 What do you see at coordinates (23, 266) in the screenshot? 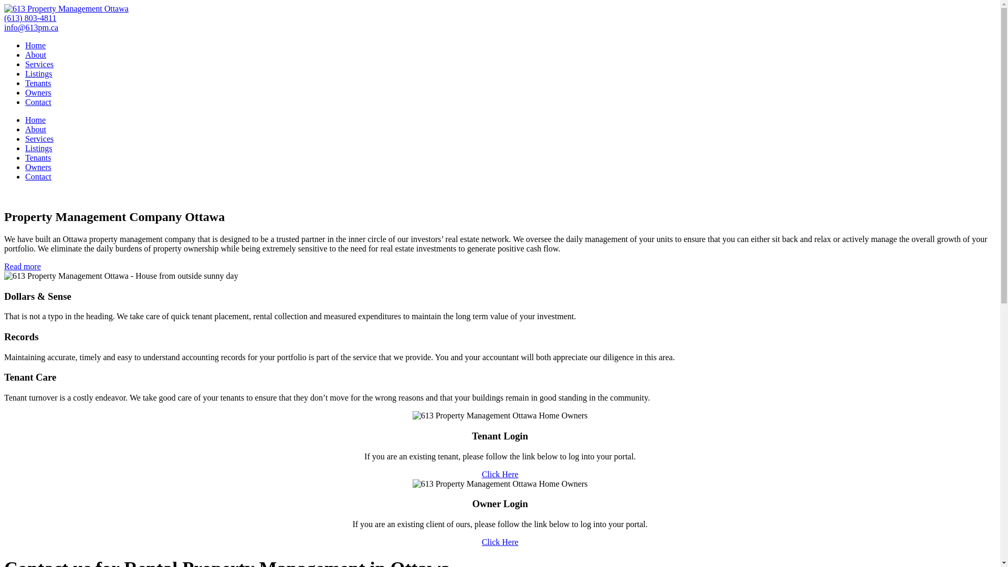
I see `'Read more'` at bounding box center [23, 266].